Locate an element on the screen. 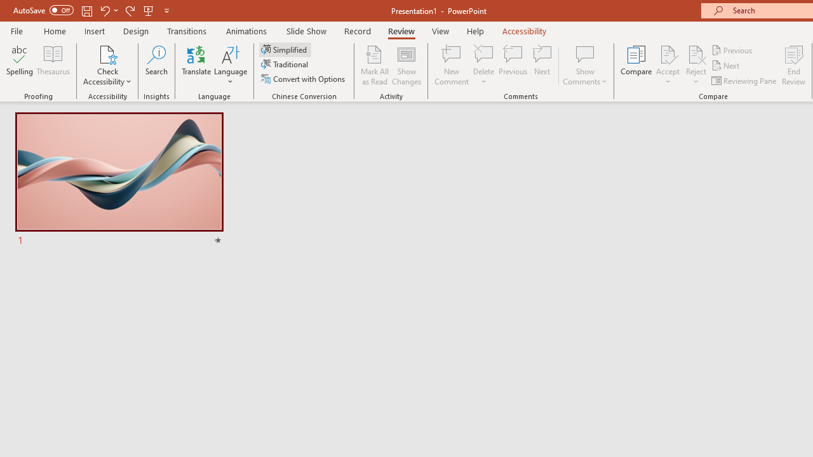 The height and width of the screenshot is (457, 813). 'Reject' is located at coordinates (695, 65).